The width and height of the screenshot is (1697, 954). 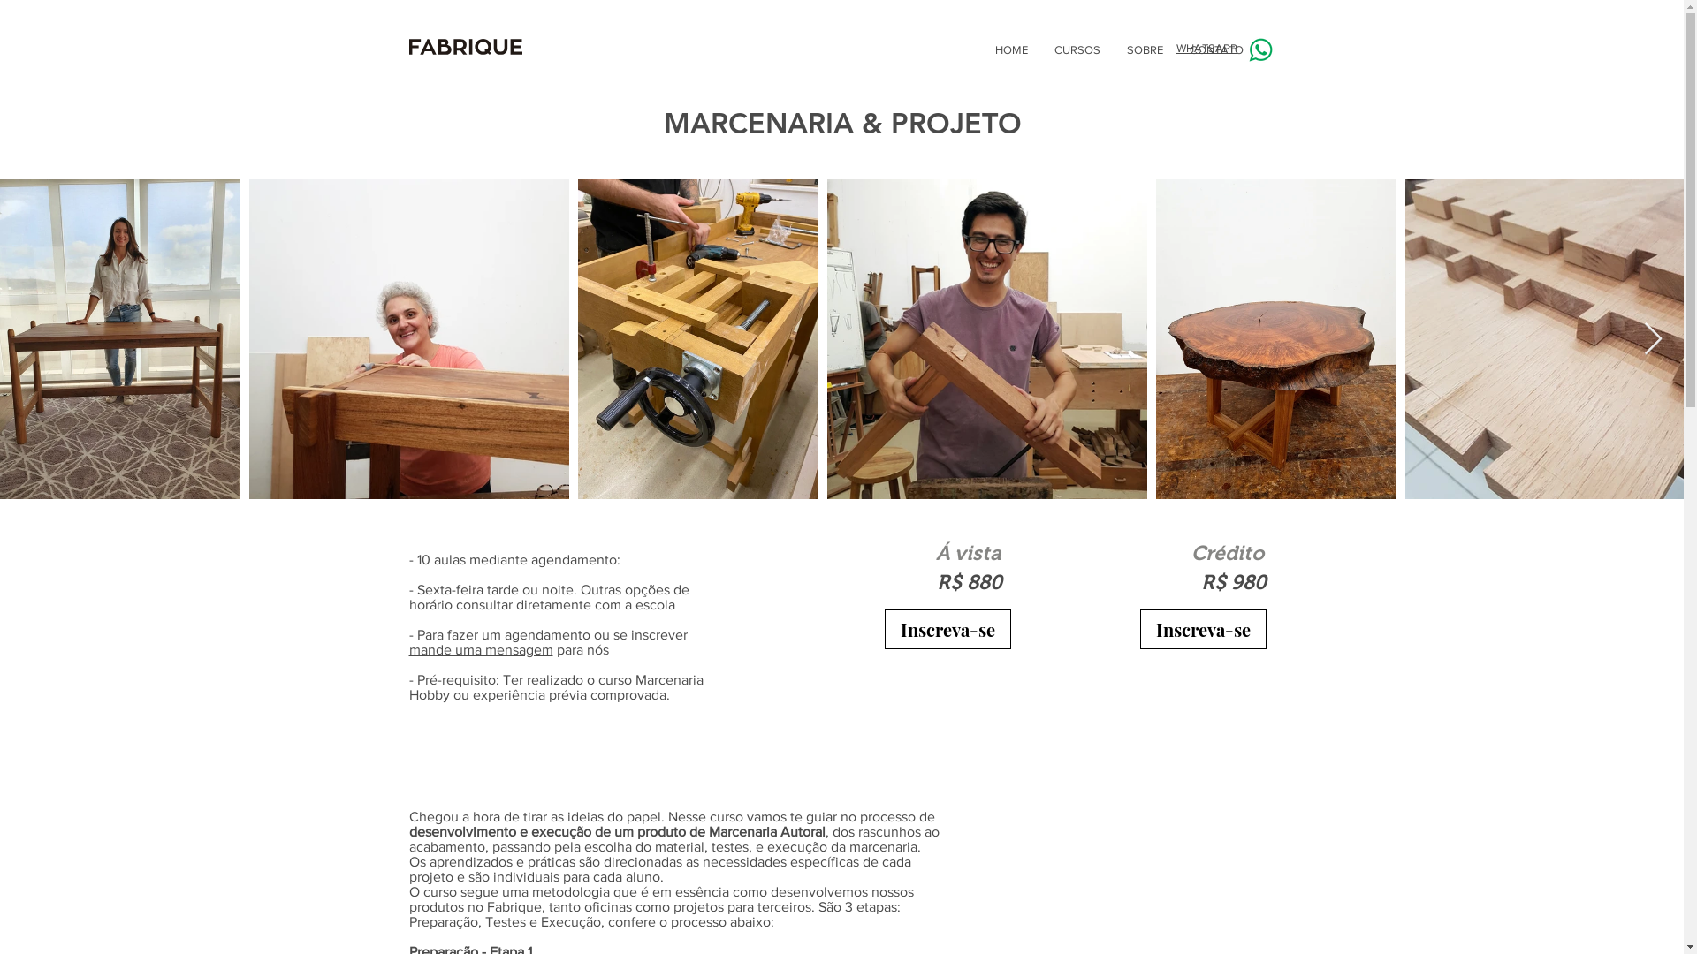 What do you see at coordinates (1205, 47) in the screenshot?
I see `'WHATSAPP'` at bounding box center [1205, 47].